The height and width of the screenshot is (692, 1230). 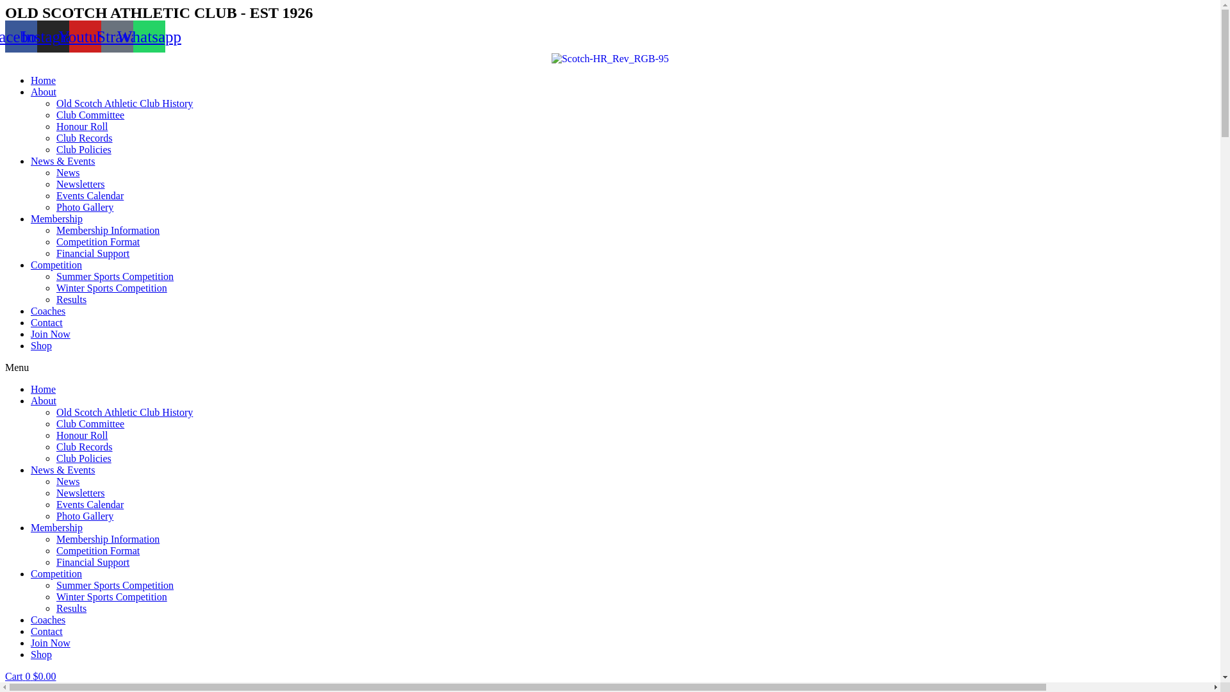 What do you see at coordinates (108, 539) in the screenshot?
I see `'Membership Information'` at bounding box center [108, 539].